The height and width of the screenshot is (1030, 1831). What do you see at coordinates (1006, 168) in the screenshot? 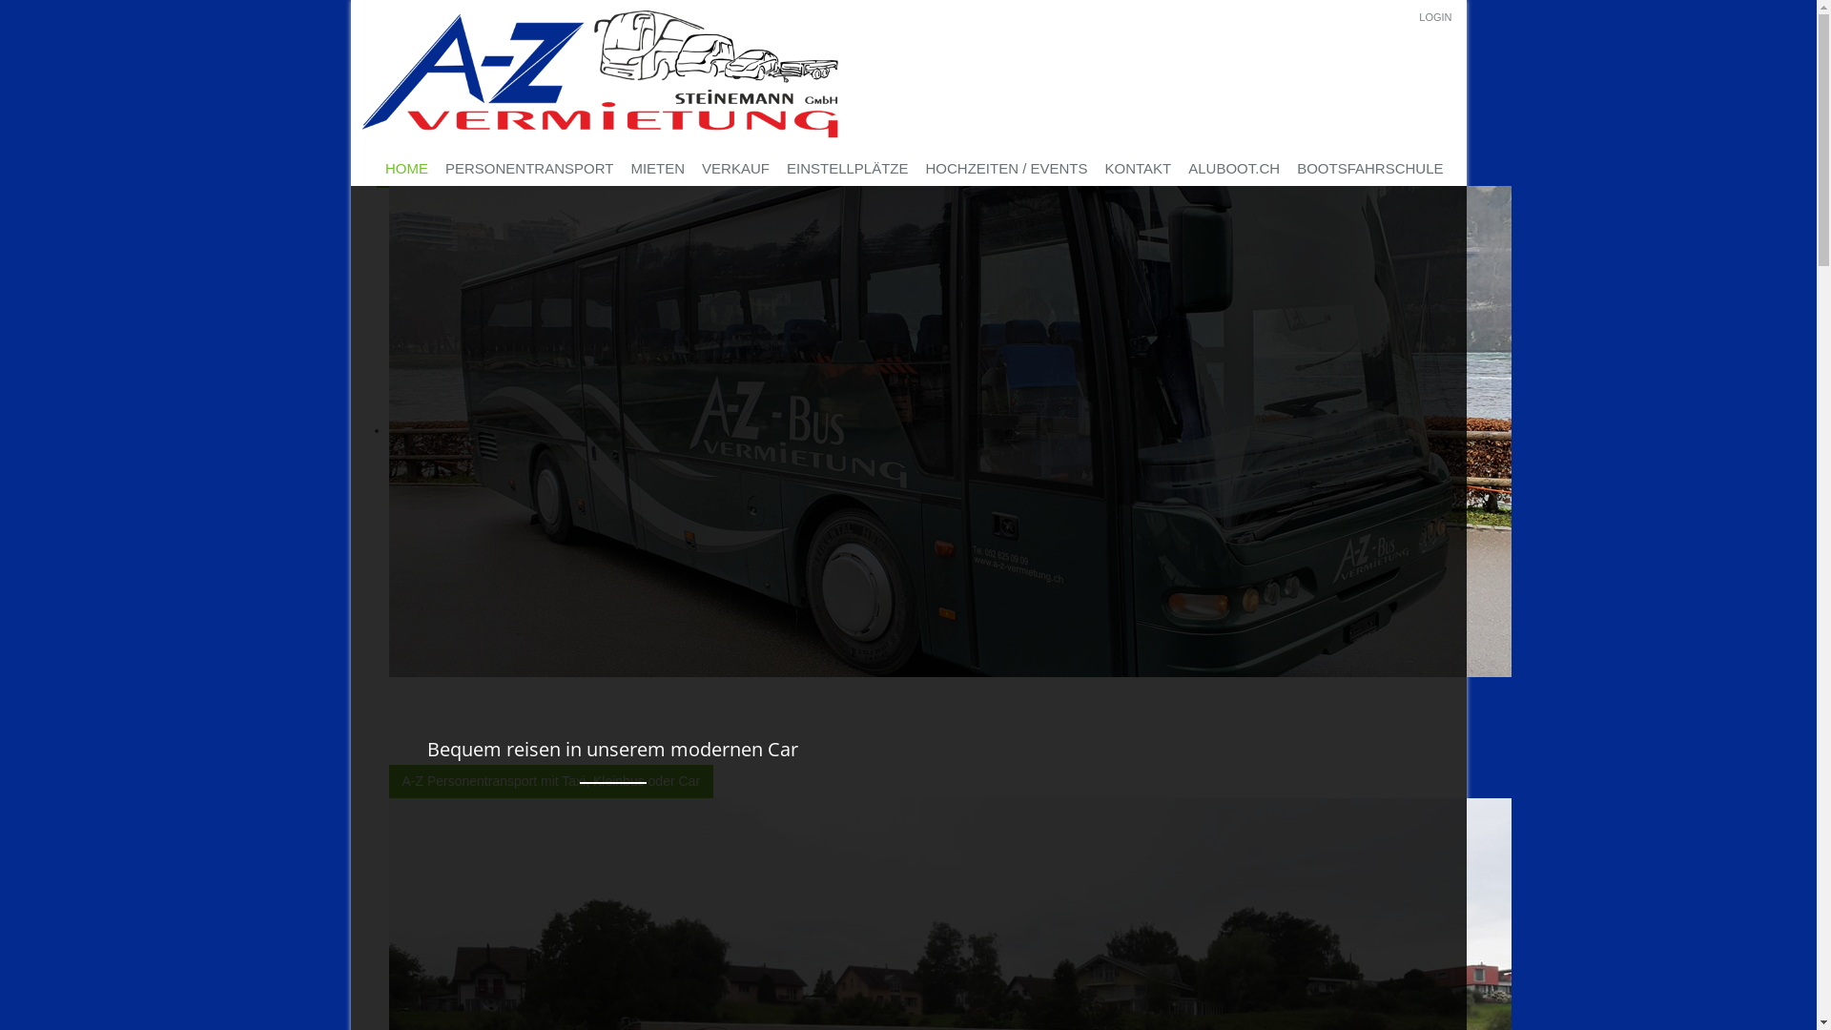
I see `'HOCHZEITEN / EVENTS'` at bounding box center [1006, 168].